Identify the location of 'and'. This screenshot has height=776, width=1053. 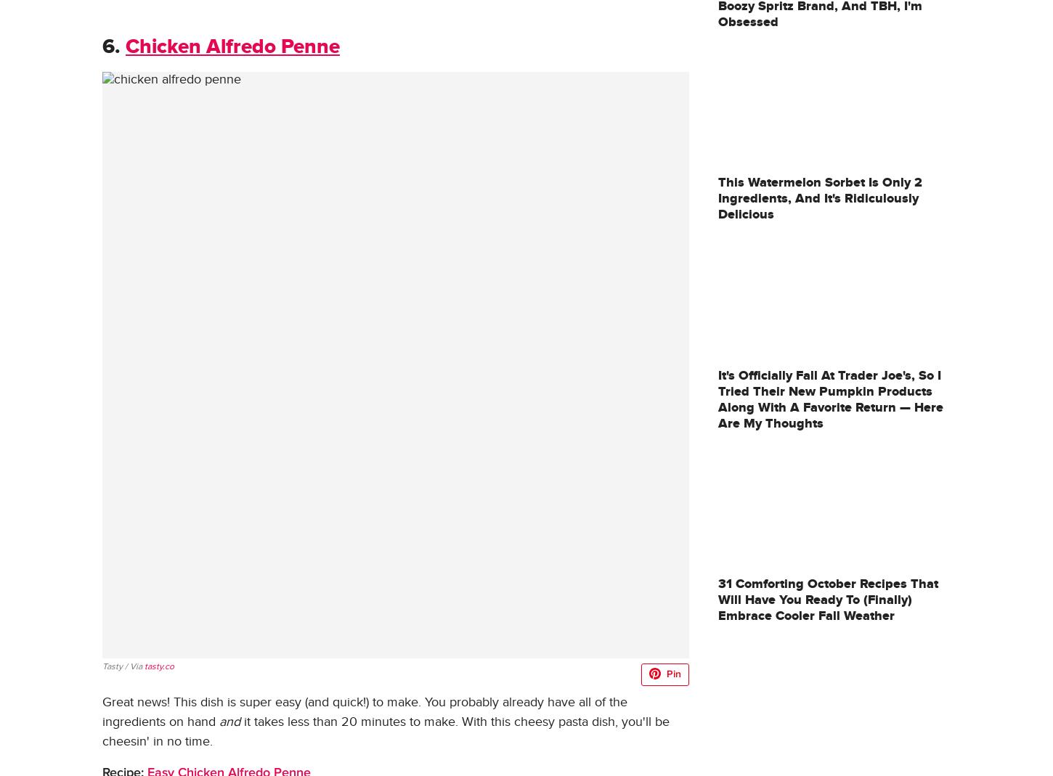
(229, 722).